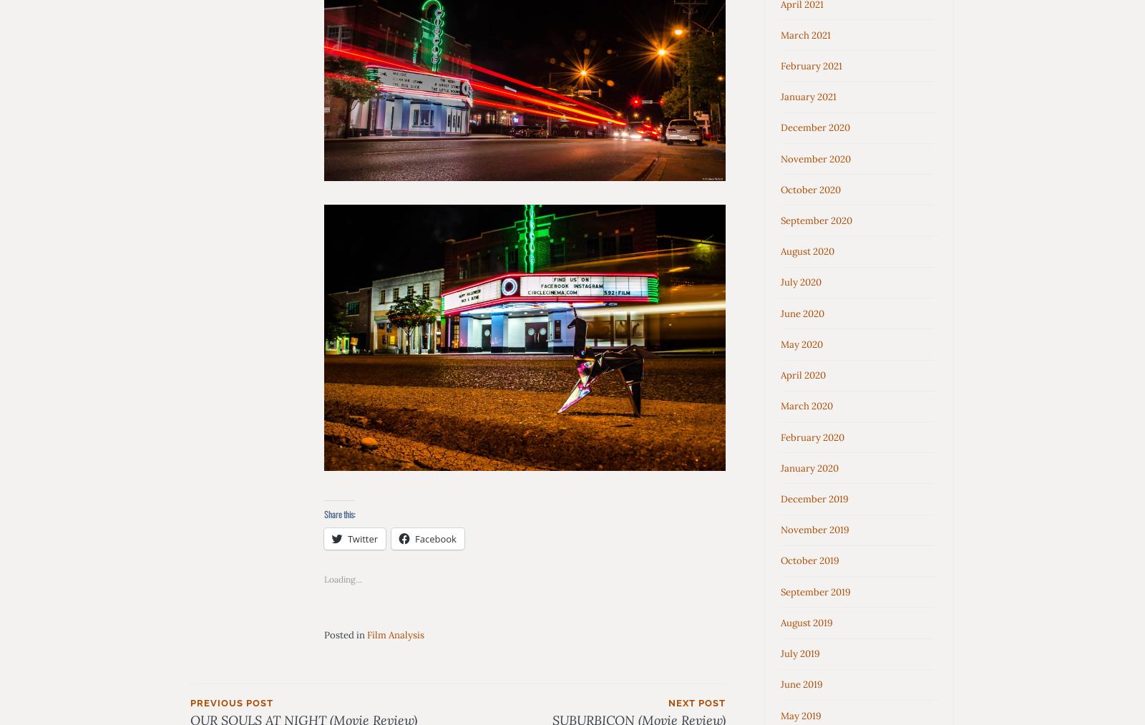 The width and height of the screenshot is (1145, 725). I want to click on 'December 2020', so click(781, 127).